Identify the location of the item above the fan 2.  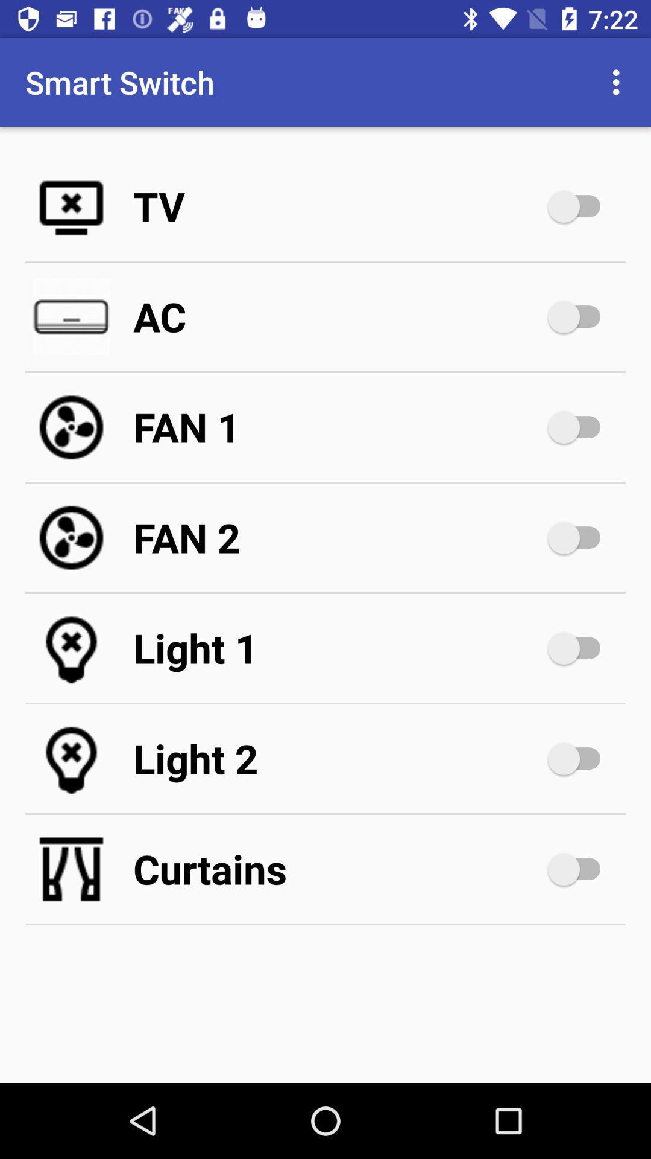
(338, 427).